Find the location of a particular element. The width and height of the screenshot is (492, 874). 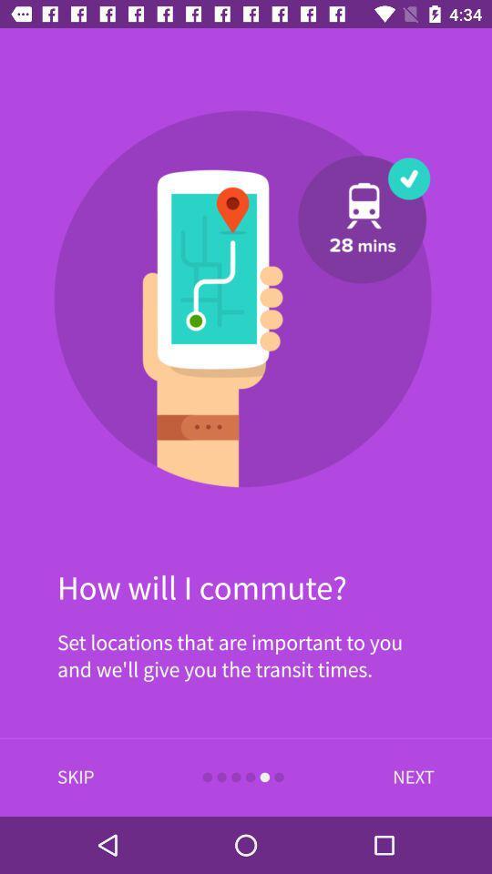

item at the bottom right corner is located at coordinates (409, 777).